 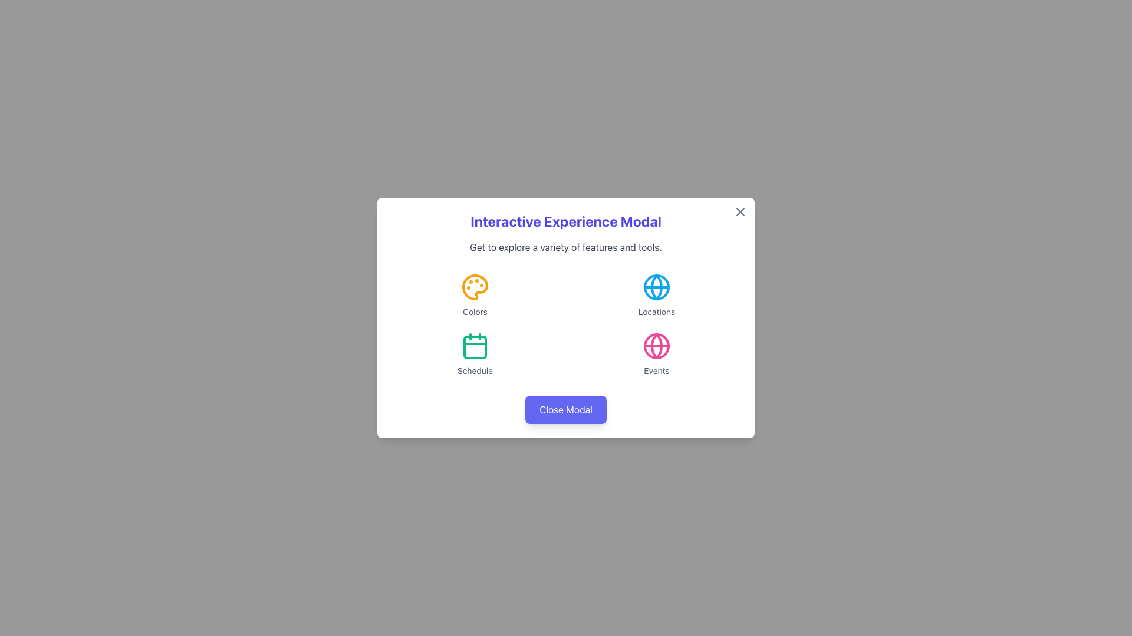 What do you see at coordinates (475, 287) in the screenshot?
I see `the 'Colors' icon located in the upper left quadrant of the modal dialog box, which is positioned directly under the header and adjacent to the text label 'Colors'` at bounding box center [475, 287].